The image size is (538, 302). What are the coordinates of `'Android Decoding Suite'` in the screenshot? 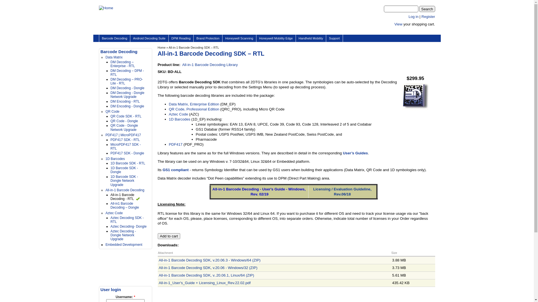 It's located at (149, 38).